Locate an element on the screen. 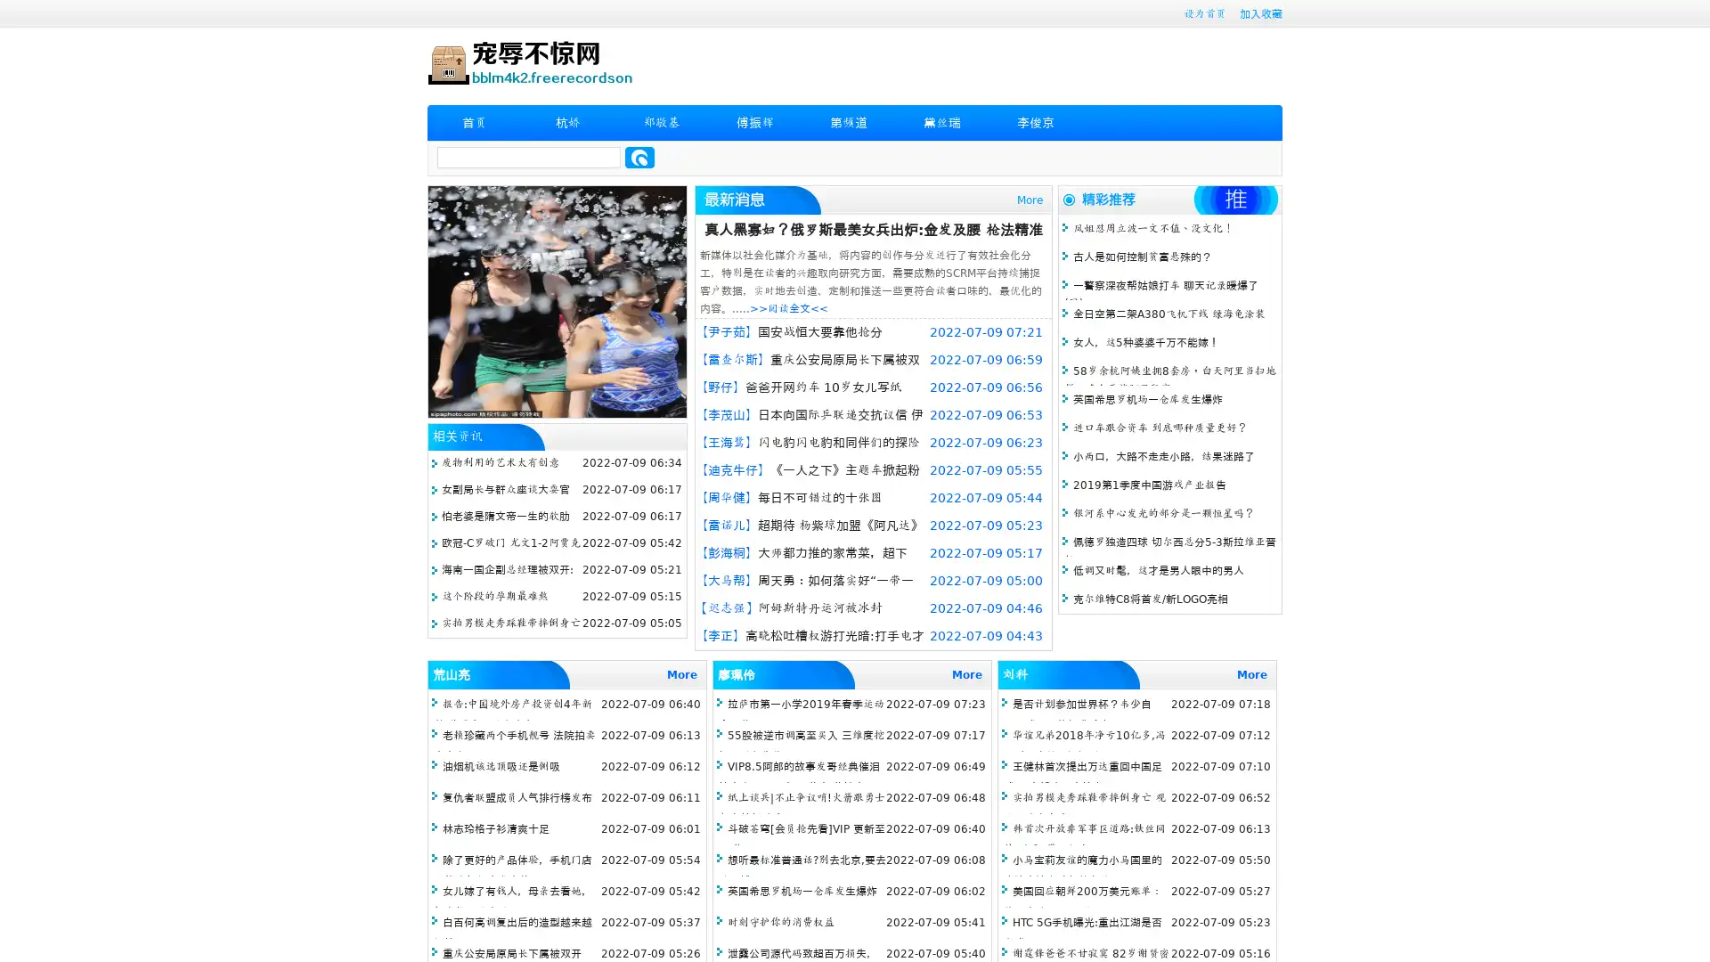  Search is located at coordinates (639, 157).